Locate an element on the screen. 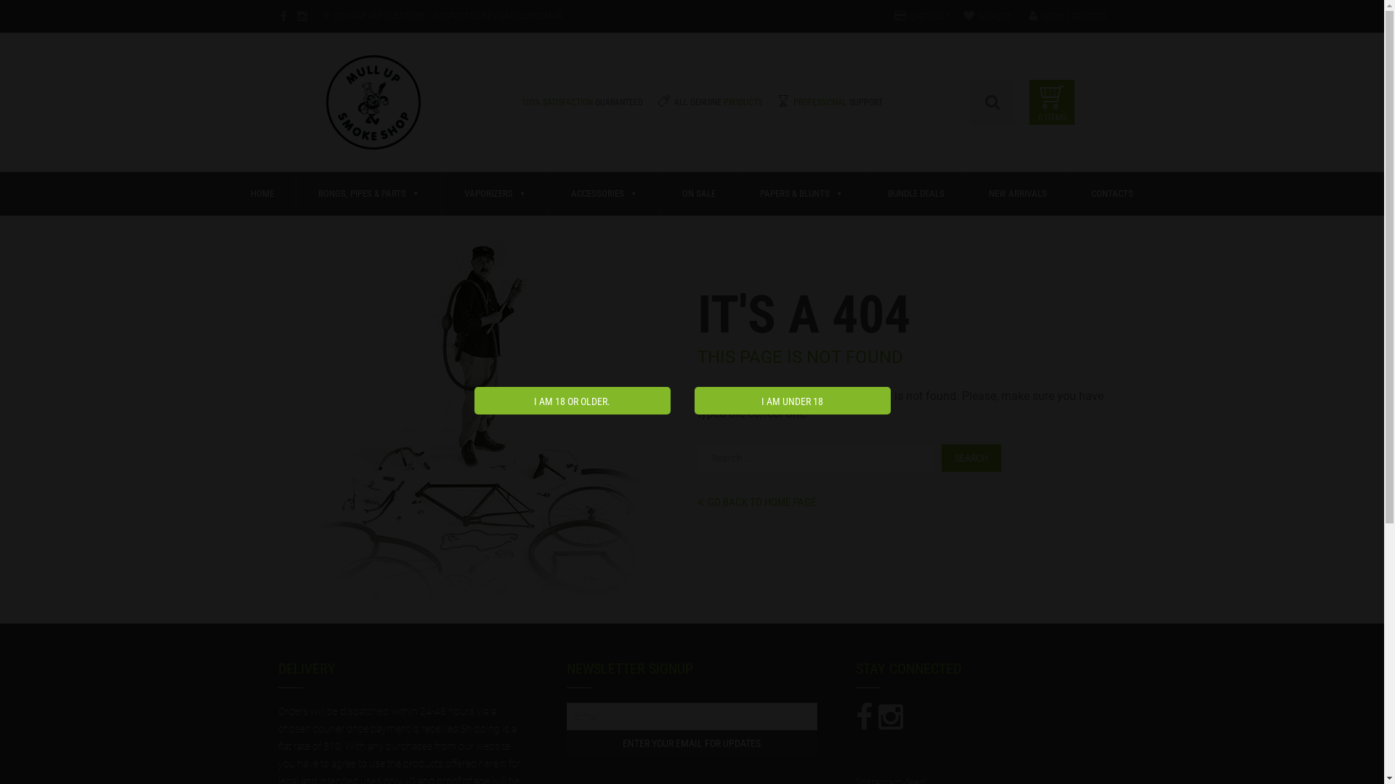  'VAPORIZERS' is located at coordinates (496, 192).